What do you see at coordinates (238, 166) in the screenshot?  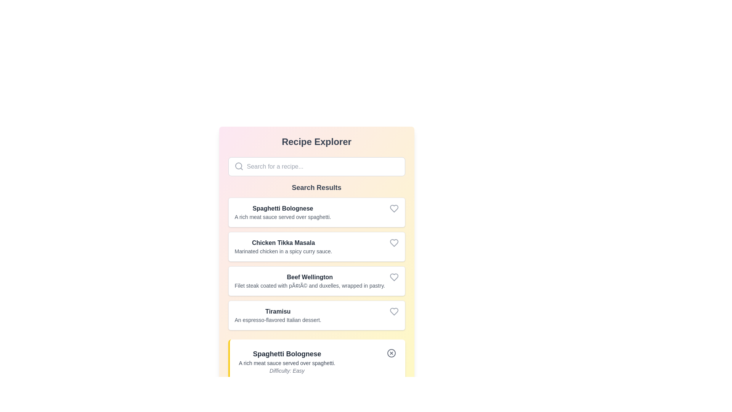 I see `the search icon located on the left side of the search input field at the top of the interface` at bounding box center [238, 166].